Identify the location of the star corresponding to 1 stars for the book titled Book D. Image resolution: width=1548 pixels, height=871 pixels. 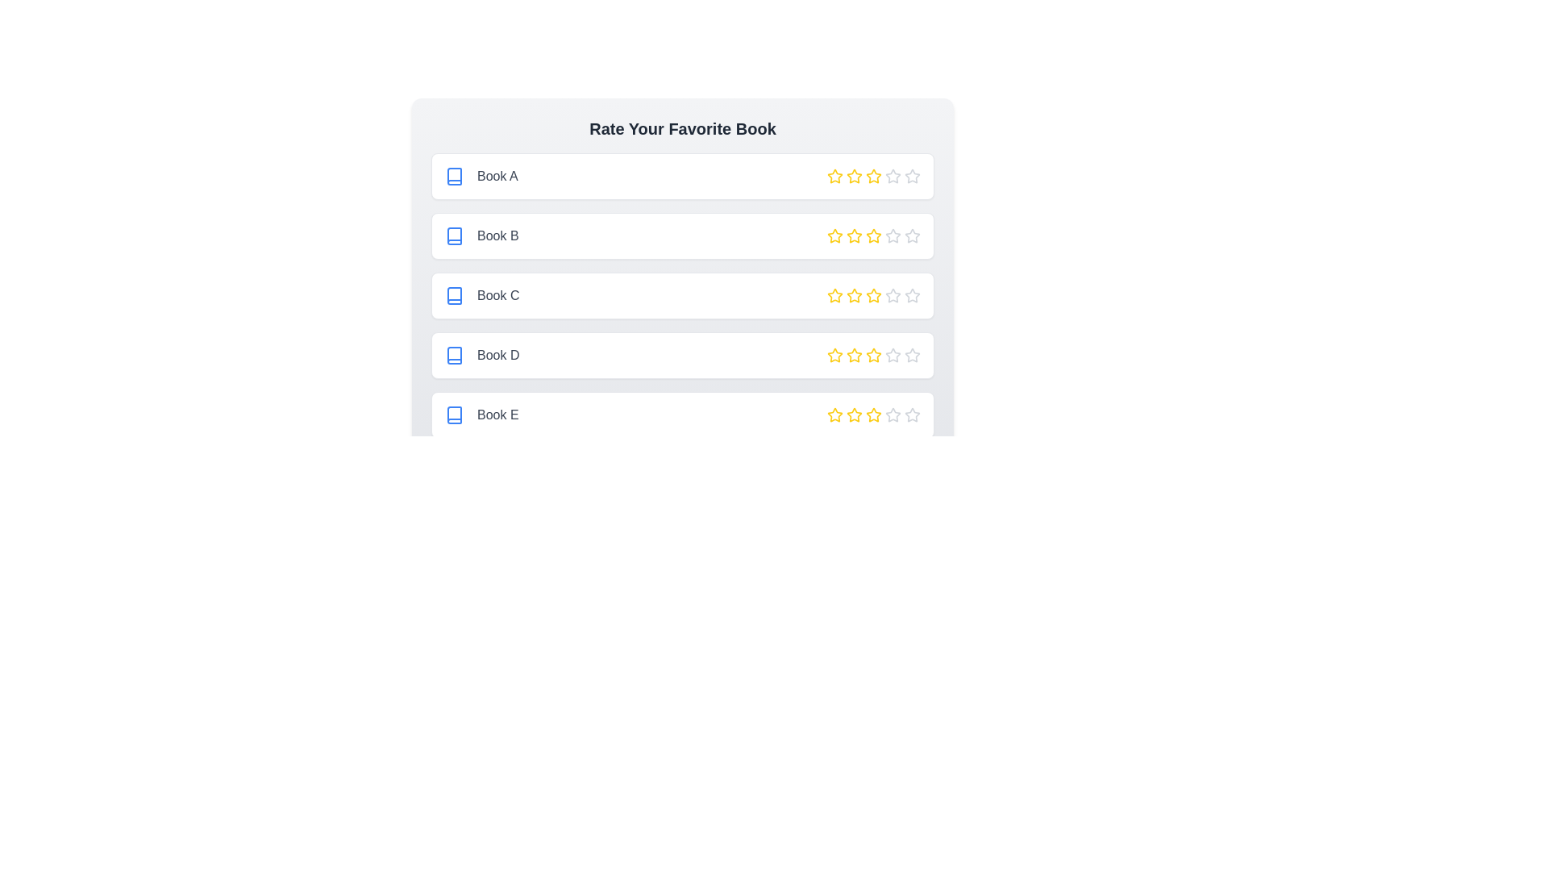
(835, 354).